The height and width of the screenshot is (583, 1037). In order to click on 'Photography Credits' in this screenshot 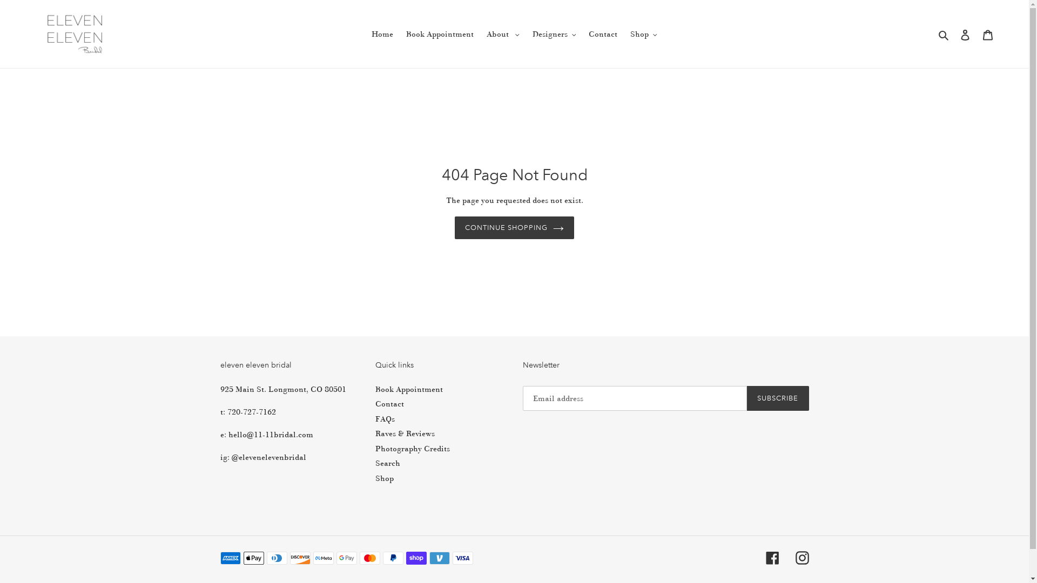, I will do `click(412, 448)`.